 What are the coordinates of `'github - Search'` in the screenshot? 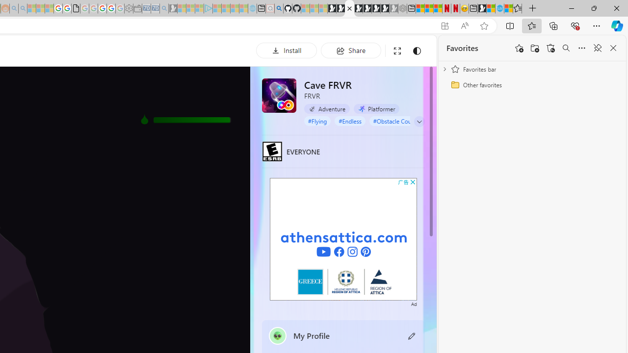 It's located at (278, 8).